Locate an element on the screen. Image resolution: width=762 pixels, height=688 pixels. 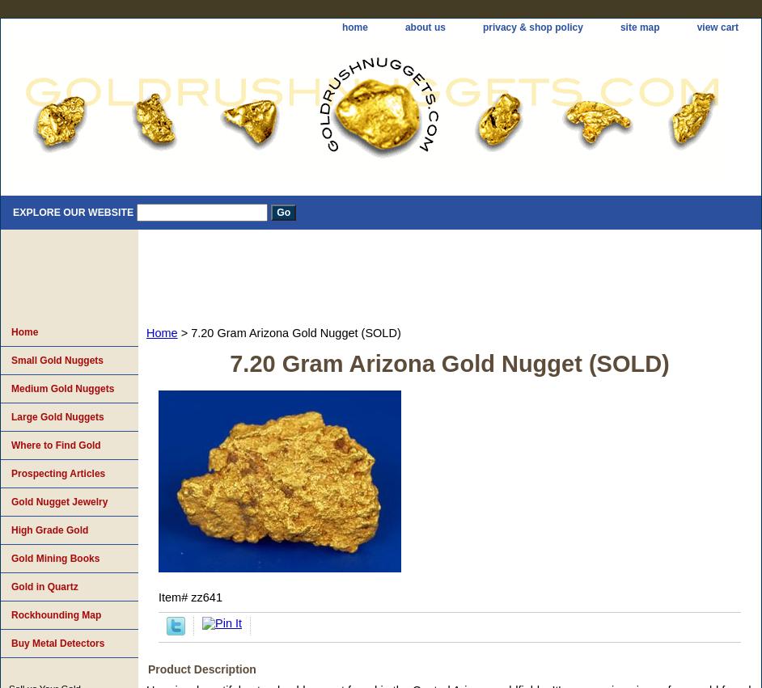
'> 7.20 Gram Arizona Gold Nugget (SOLD)' is located at coordinates (288, 331).